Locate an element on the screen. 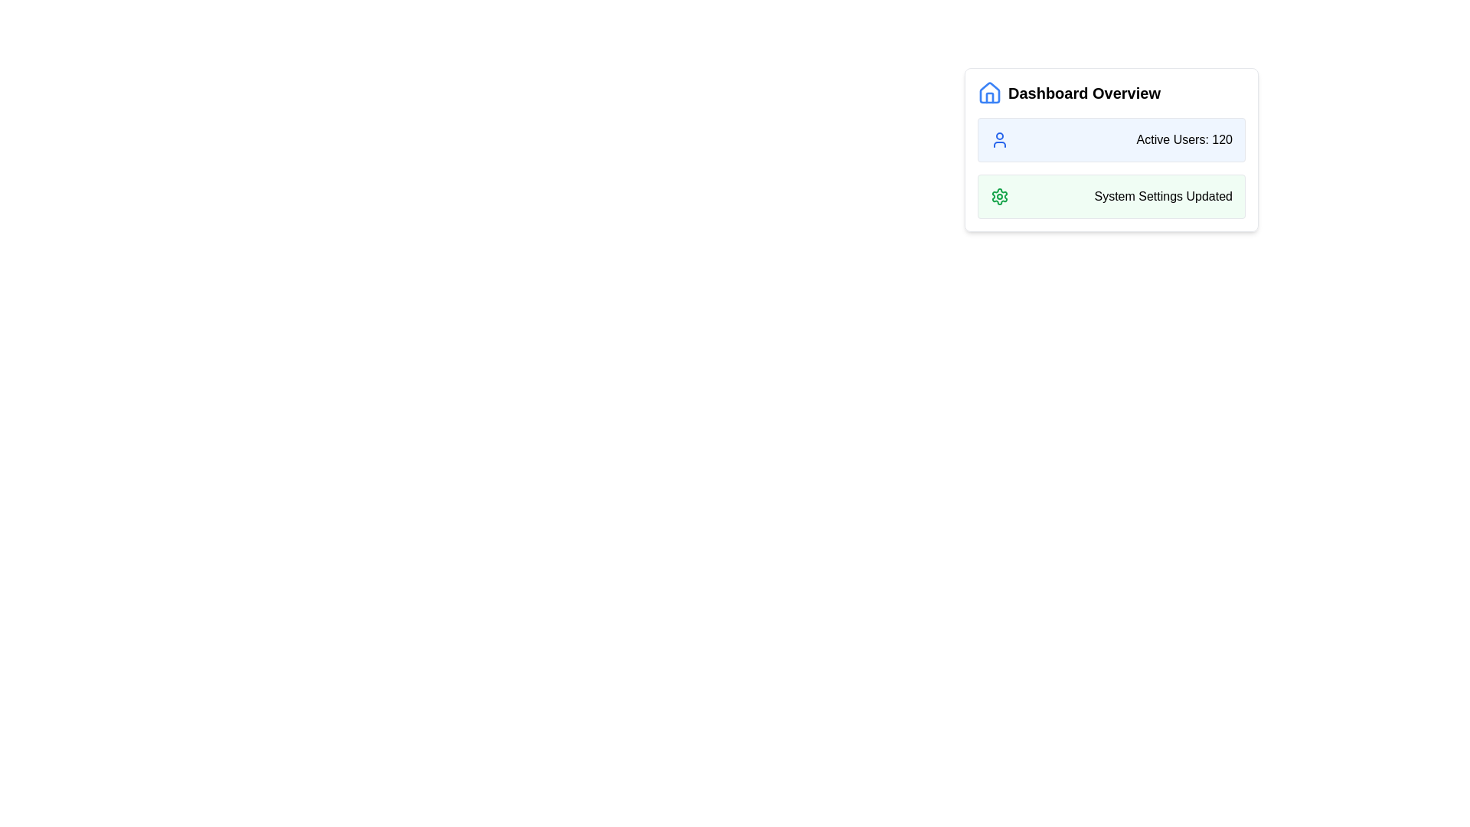 The height and width of the screenshot is (827, 1470). the 'Dashboard Overview' text heading with an icon is located at coordinates (1111, 93).